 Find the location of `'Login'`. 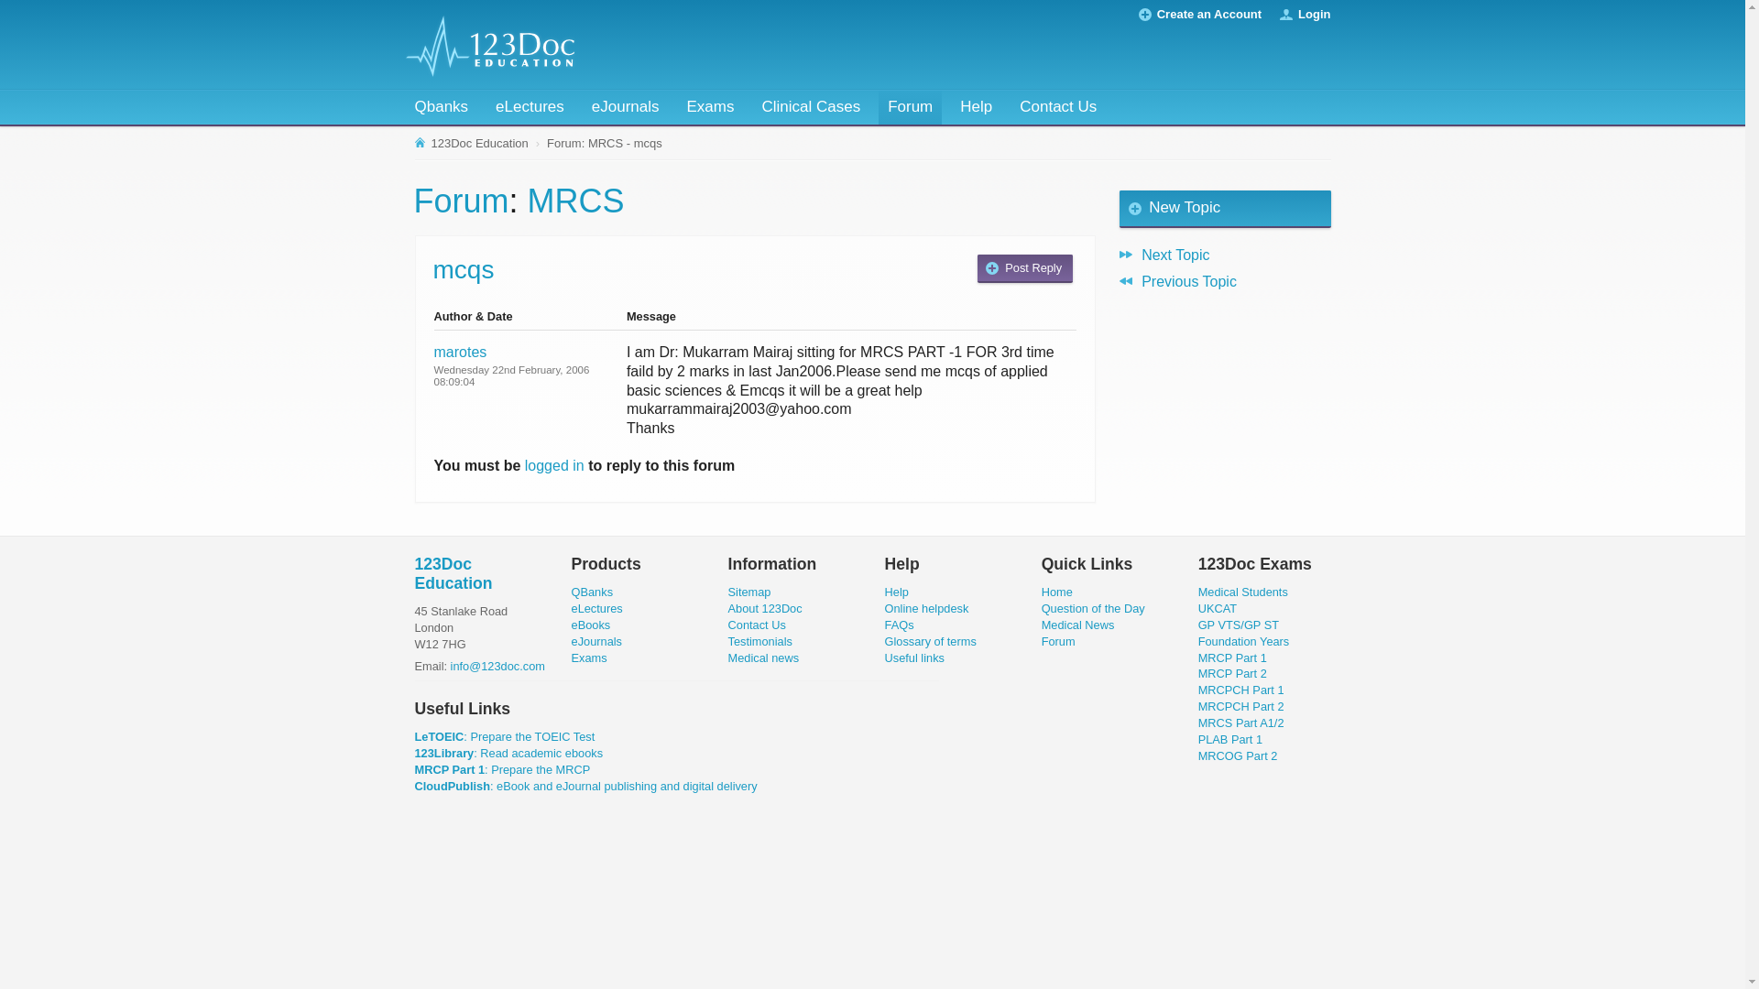

'Login' is located at coordinates (1313, 14).